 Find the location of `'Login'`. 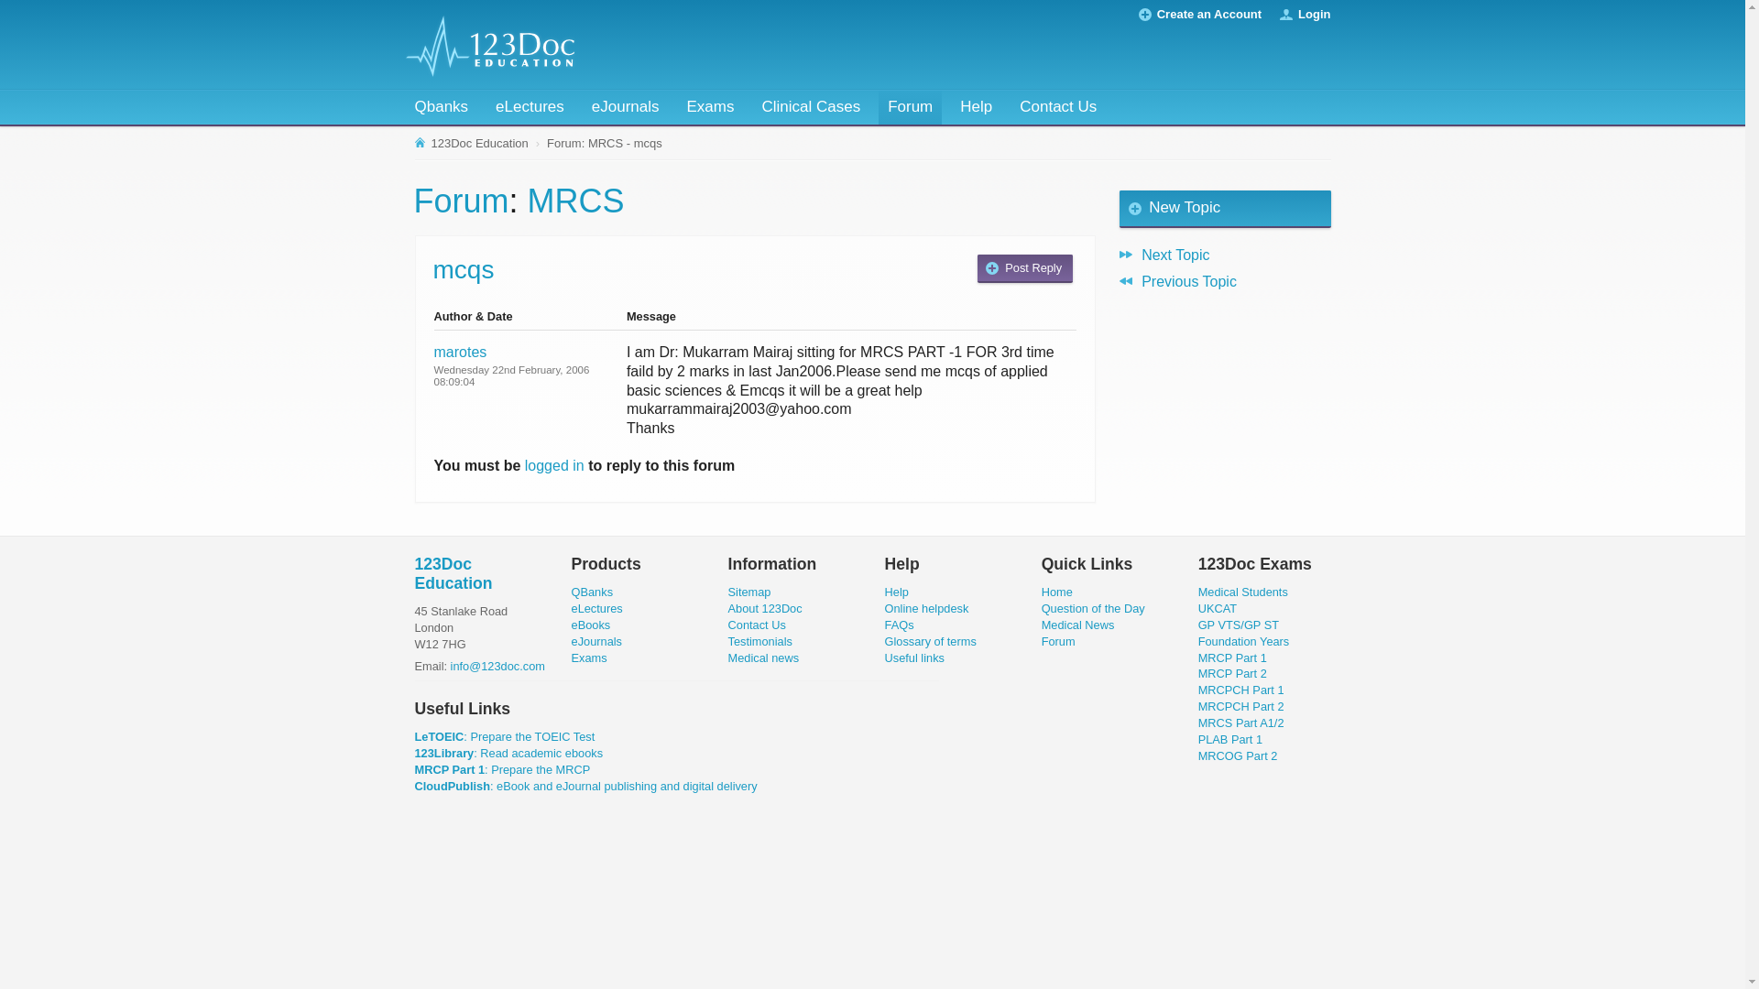

'Login' is located at coordinates (1313, 14).